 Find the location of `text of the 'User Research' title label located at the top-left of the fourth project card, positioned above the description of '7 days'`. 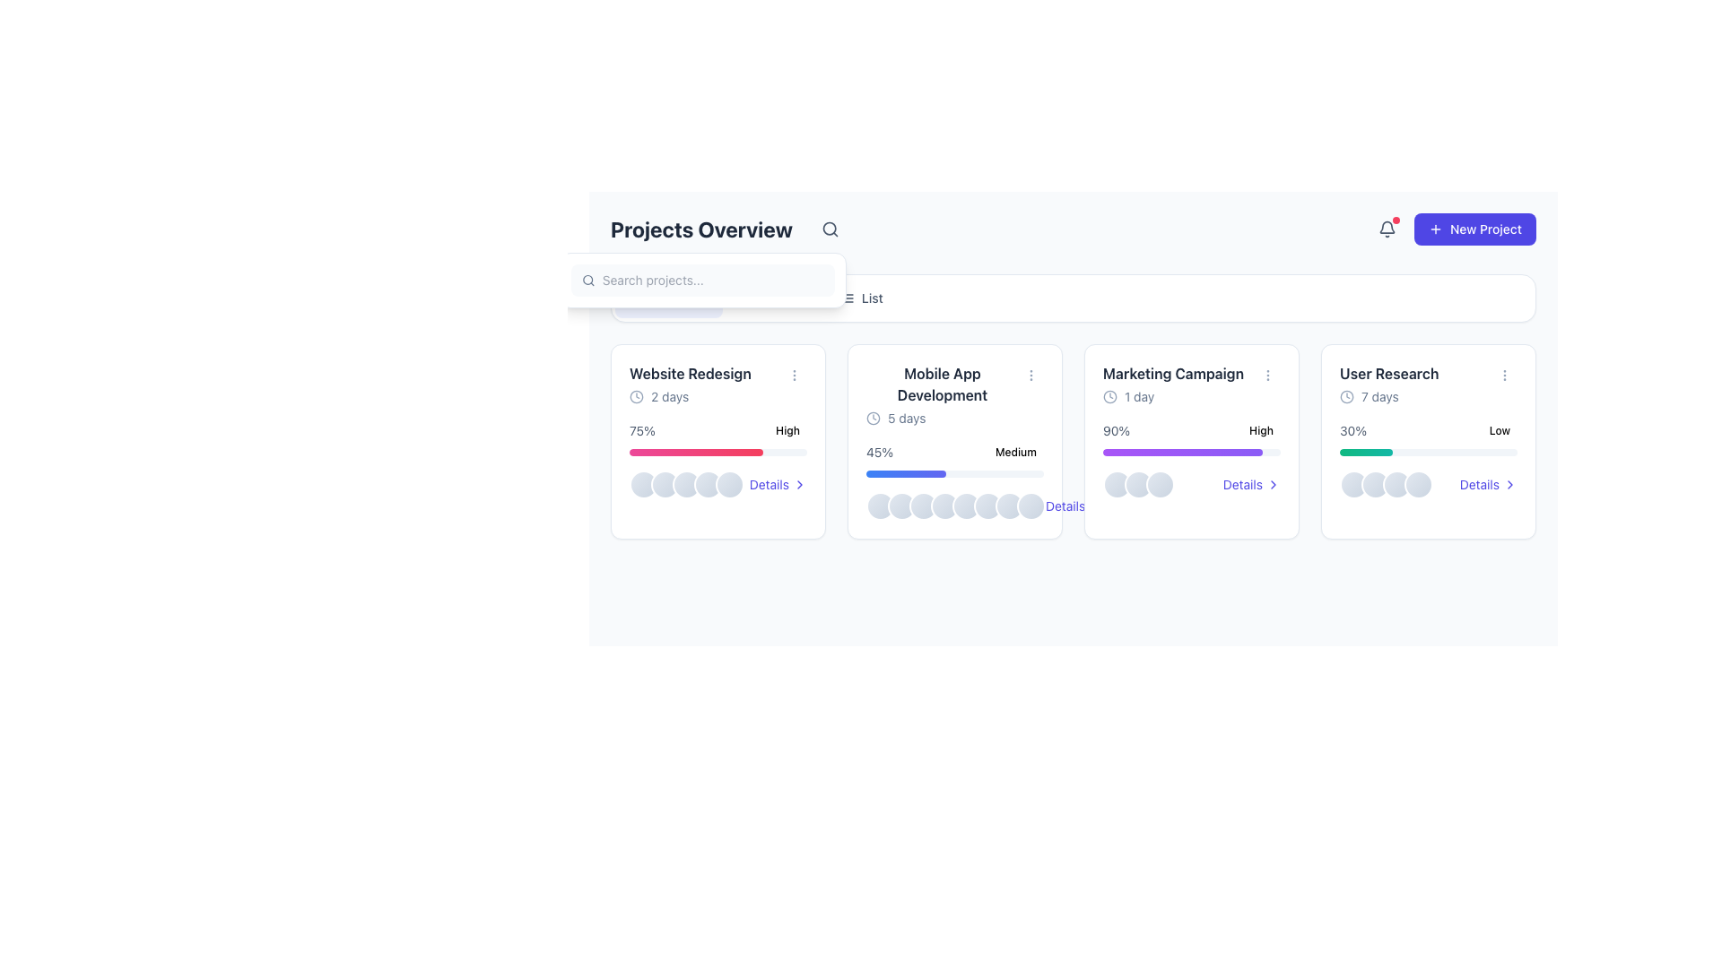

text of the 'User Research' title label located at the top-left of the fourth project card, positioned above the description of '7 days' is located at coordinates (1388, 372).